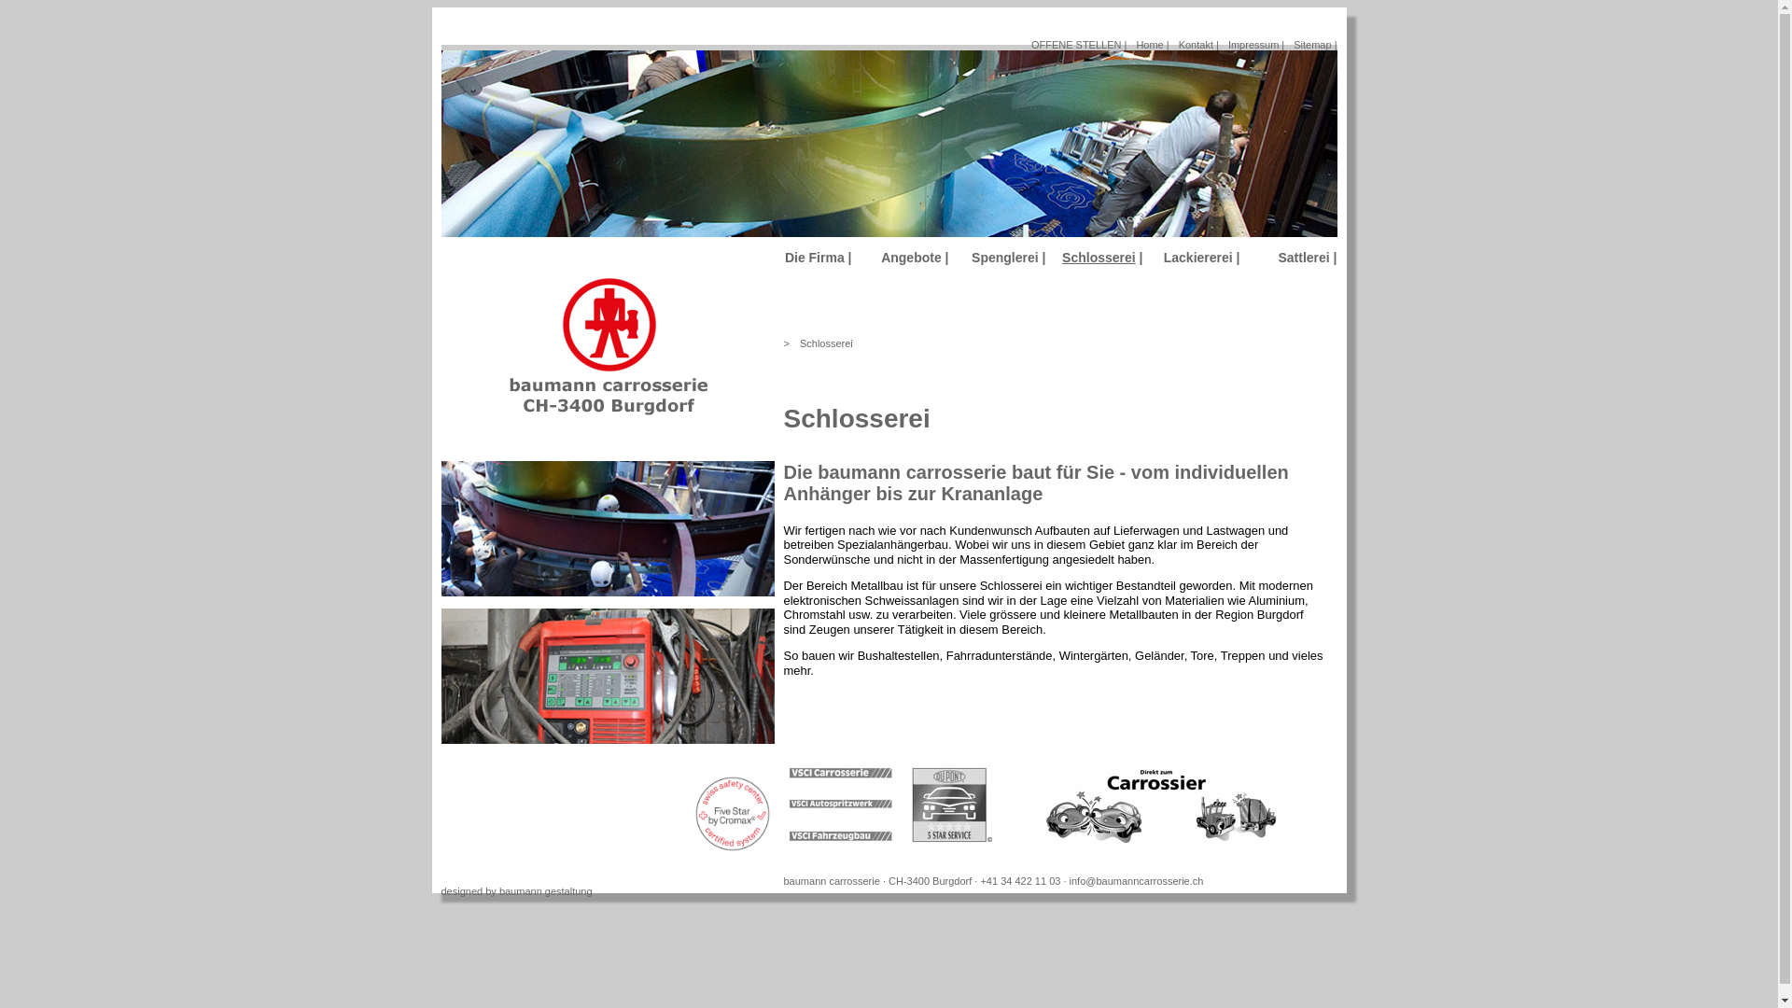  Describe the element at coordinates (880, 258) in the screenshot. I see `'Angebote'` at that location.